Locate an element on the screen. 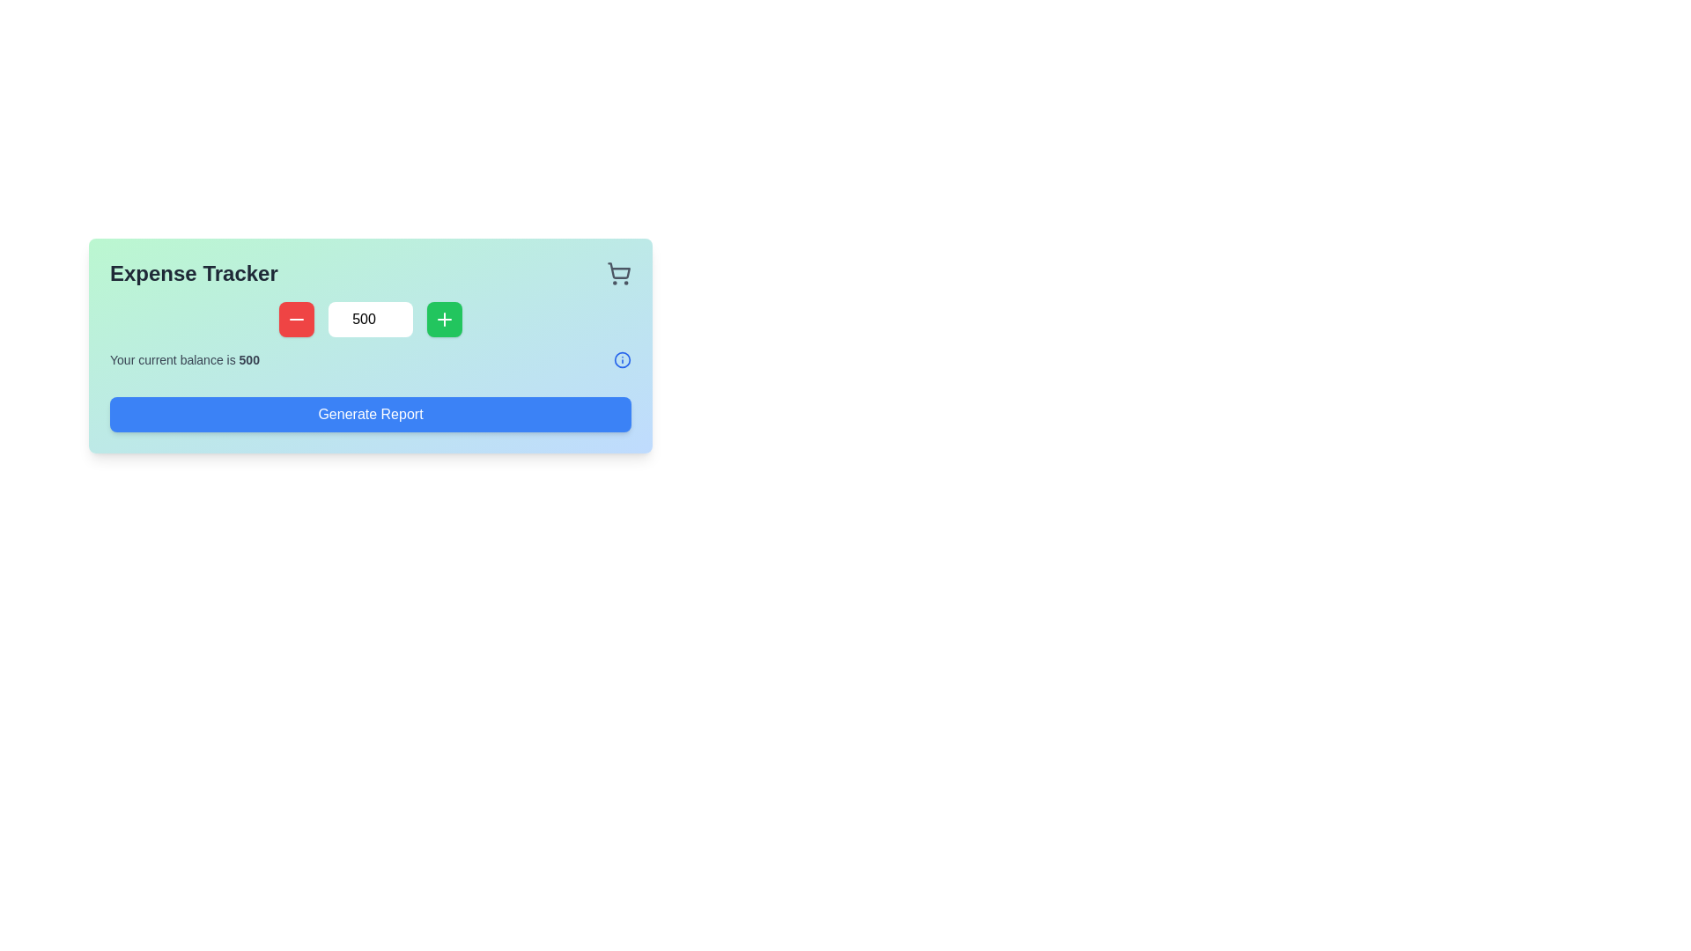 This screenshot has height=951, width=1691. the numerical input field to focus on it, which is currently set to 500 and is located centrally between a red minus button and a green plus button is located at coordinates (370, 319).